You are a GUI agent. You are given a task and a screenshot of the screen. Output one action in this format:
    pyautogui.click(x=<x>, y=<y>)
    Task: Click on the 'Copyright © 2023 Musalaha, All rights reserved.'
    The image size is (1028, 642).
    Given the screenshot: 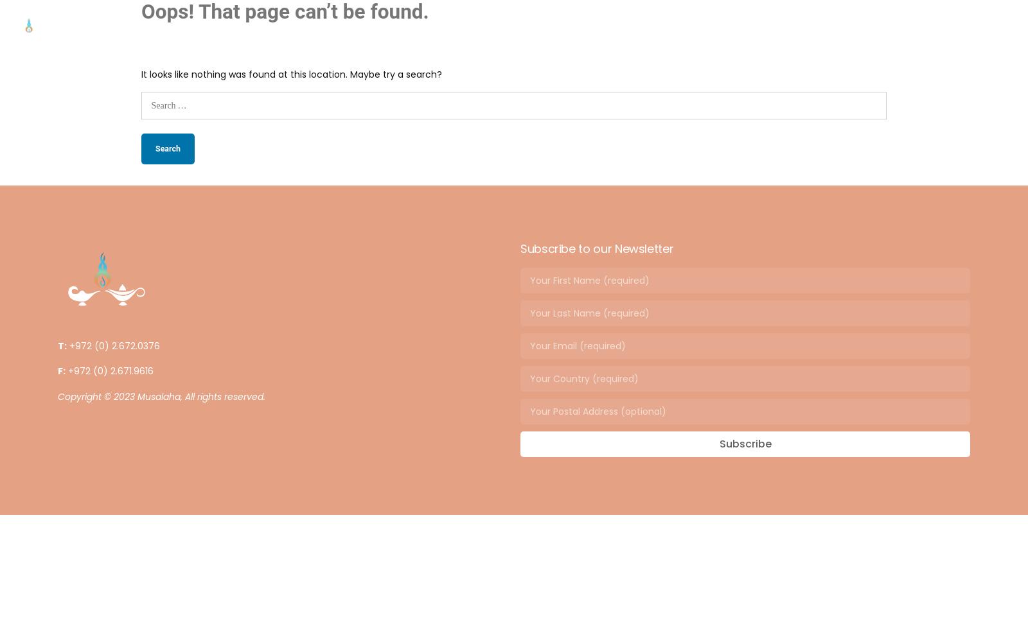 What is the action you would take?
    pyautogui.click(x=161, y=395)
    